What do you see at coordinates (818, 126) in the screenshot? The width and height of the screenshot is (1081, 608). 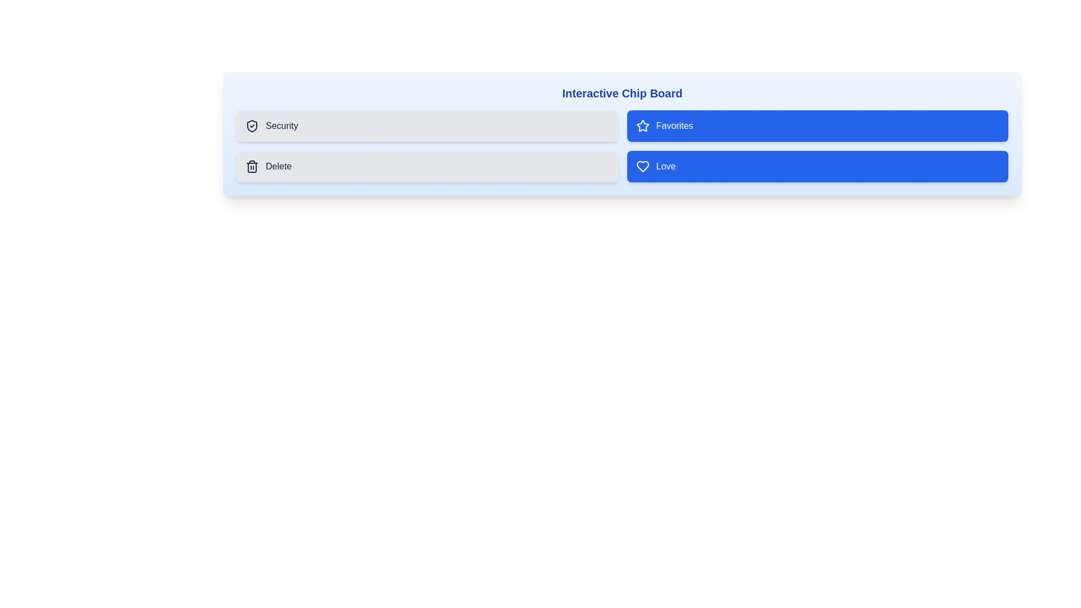 I see `the chip labeled Favorites to observe the hover effect` at bounding box center [818, 126].